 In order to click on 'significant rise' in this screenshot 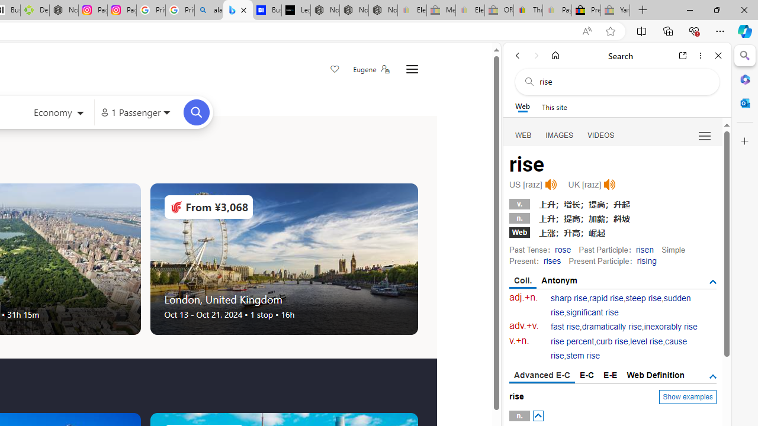, I will do `click(592, 312)`.